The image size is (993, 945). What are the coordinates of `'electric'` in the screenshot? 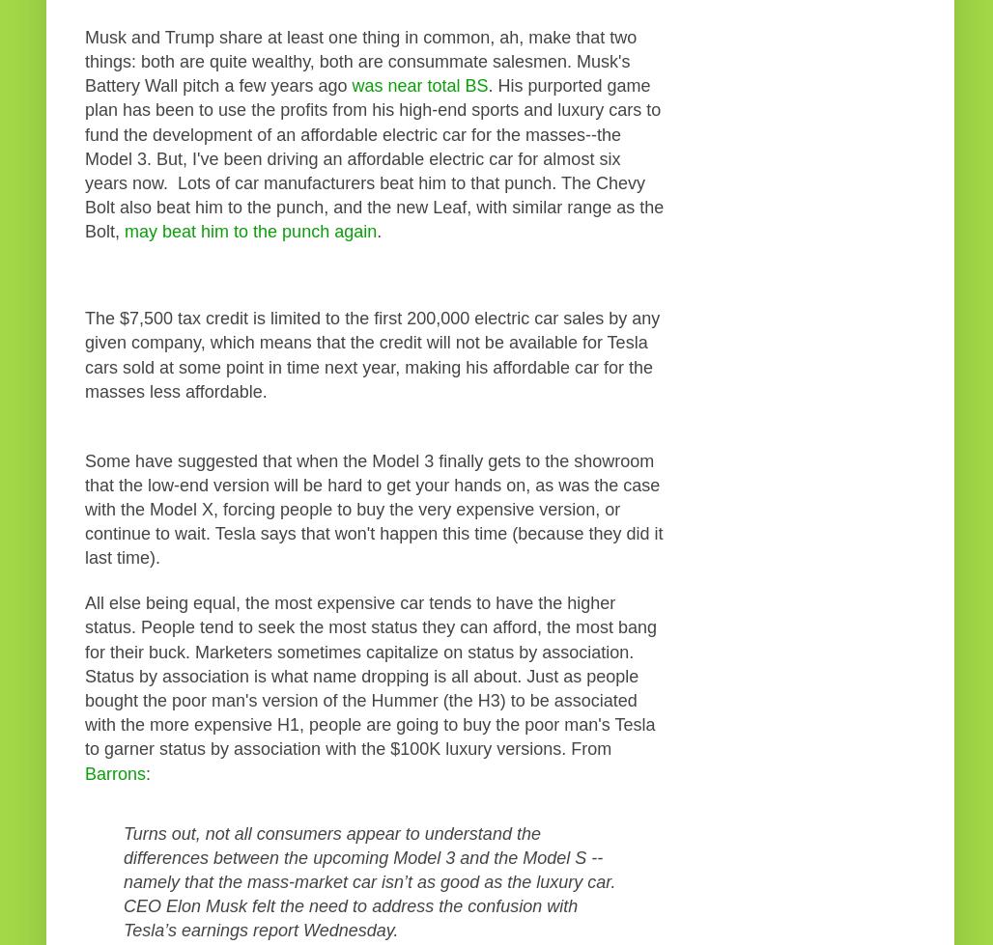 It's located at (504, 319).